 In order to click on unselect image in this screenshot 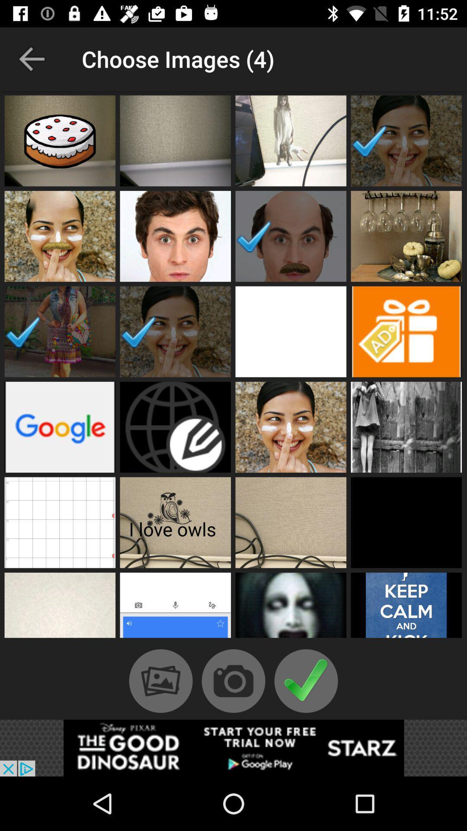, I will do `click(59, 331)`.